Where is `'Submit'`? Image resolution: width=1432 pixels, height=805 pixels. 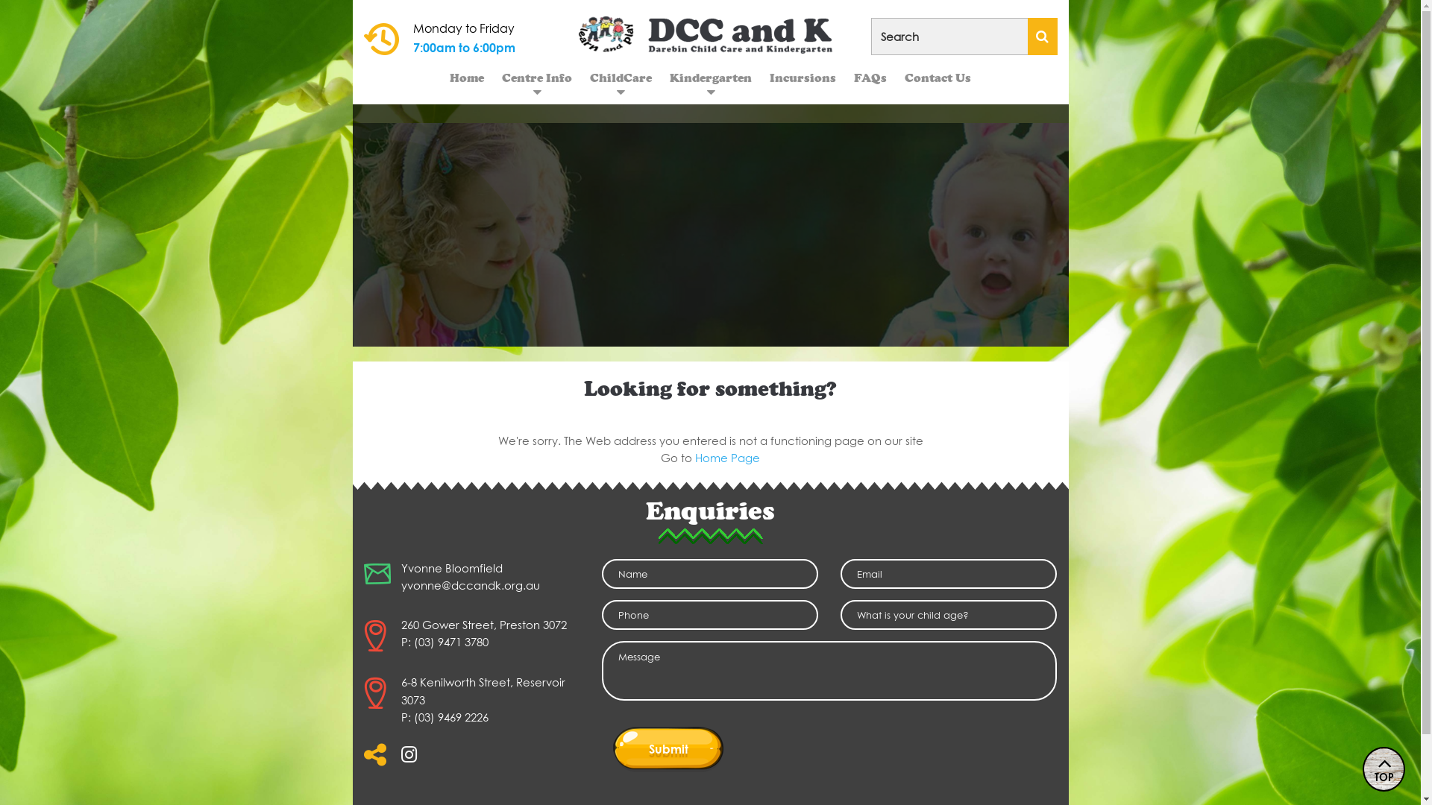
'Submit' is located at coordinates (612, 748).